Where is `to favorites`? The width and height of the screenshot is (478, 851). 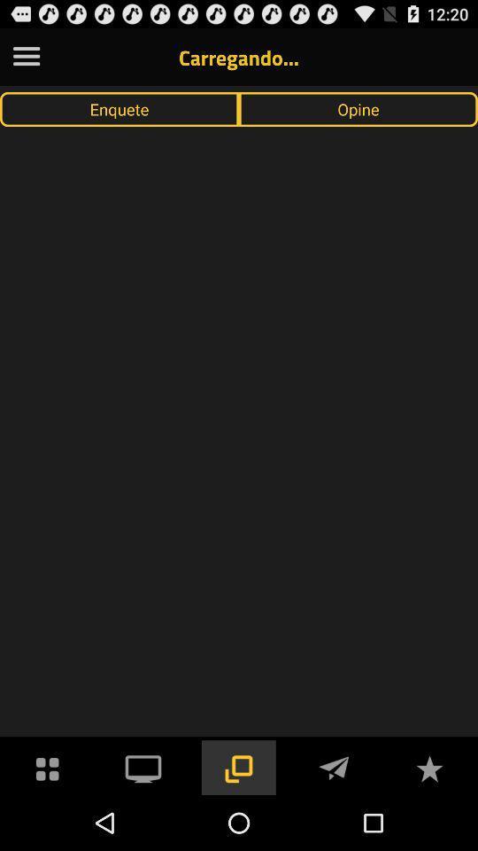
to favorites is located at coordinates (428, 766).